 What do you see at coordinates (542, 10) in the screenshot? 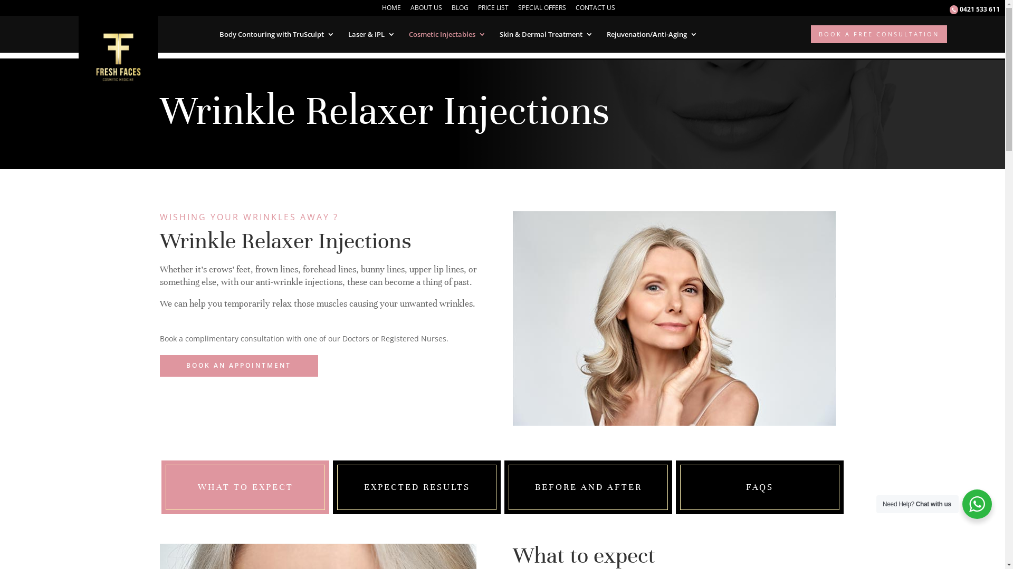
I see `'SPECIAL OFFERS'` at bounding box center [542, 10].